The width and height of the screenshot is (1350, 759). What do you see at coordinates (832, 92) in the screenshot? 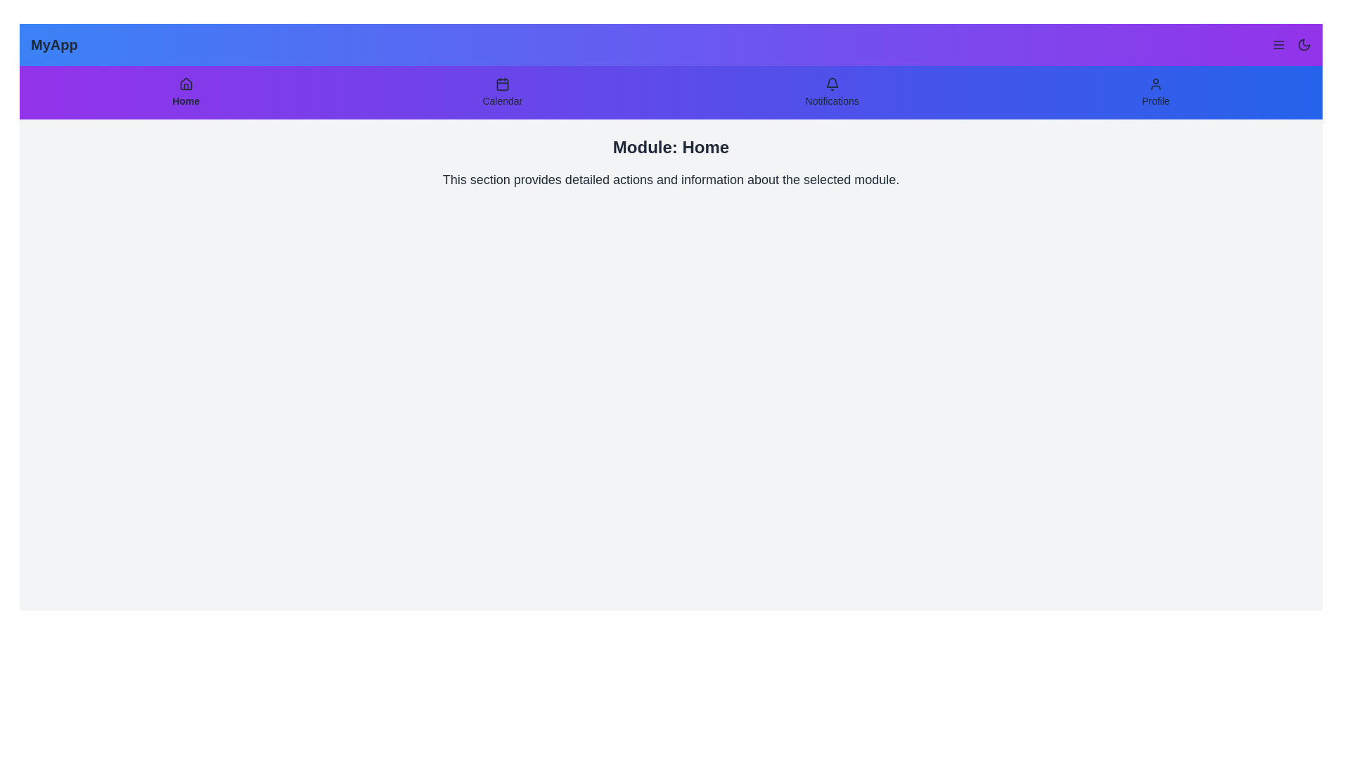
I see `the Notifications tab in the navigation bar` at bounding box center [832, 92].